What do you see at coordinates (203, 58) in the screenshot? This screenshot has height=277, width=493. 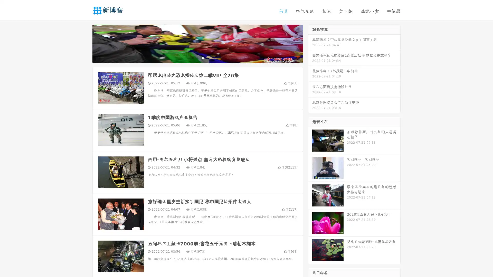 I see `Go to slide 3` at bounding box center [203, 58].